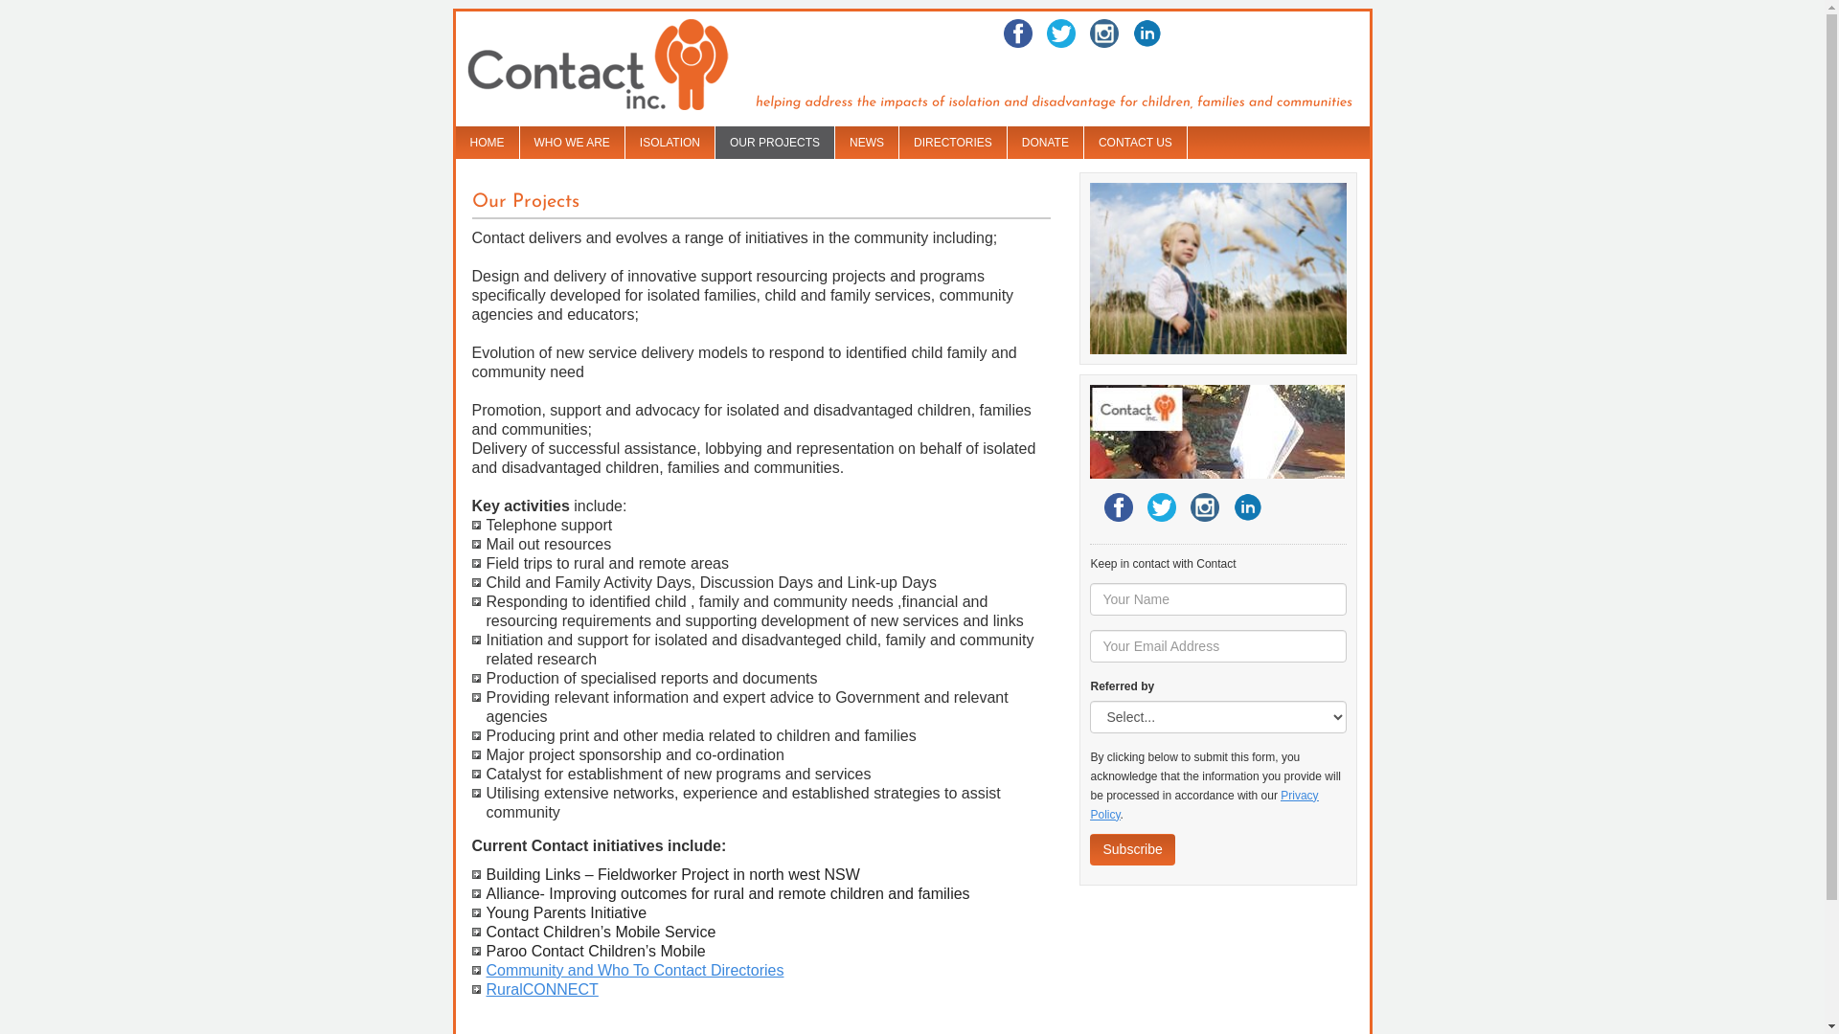 The image size is (1839, 1034). I want to click on 'Privacy Policy', so click(1203, 804).